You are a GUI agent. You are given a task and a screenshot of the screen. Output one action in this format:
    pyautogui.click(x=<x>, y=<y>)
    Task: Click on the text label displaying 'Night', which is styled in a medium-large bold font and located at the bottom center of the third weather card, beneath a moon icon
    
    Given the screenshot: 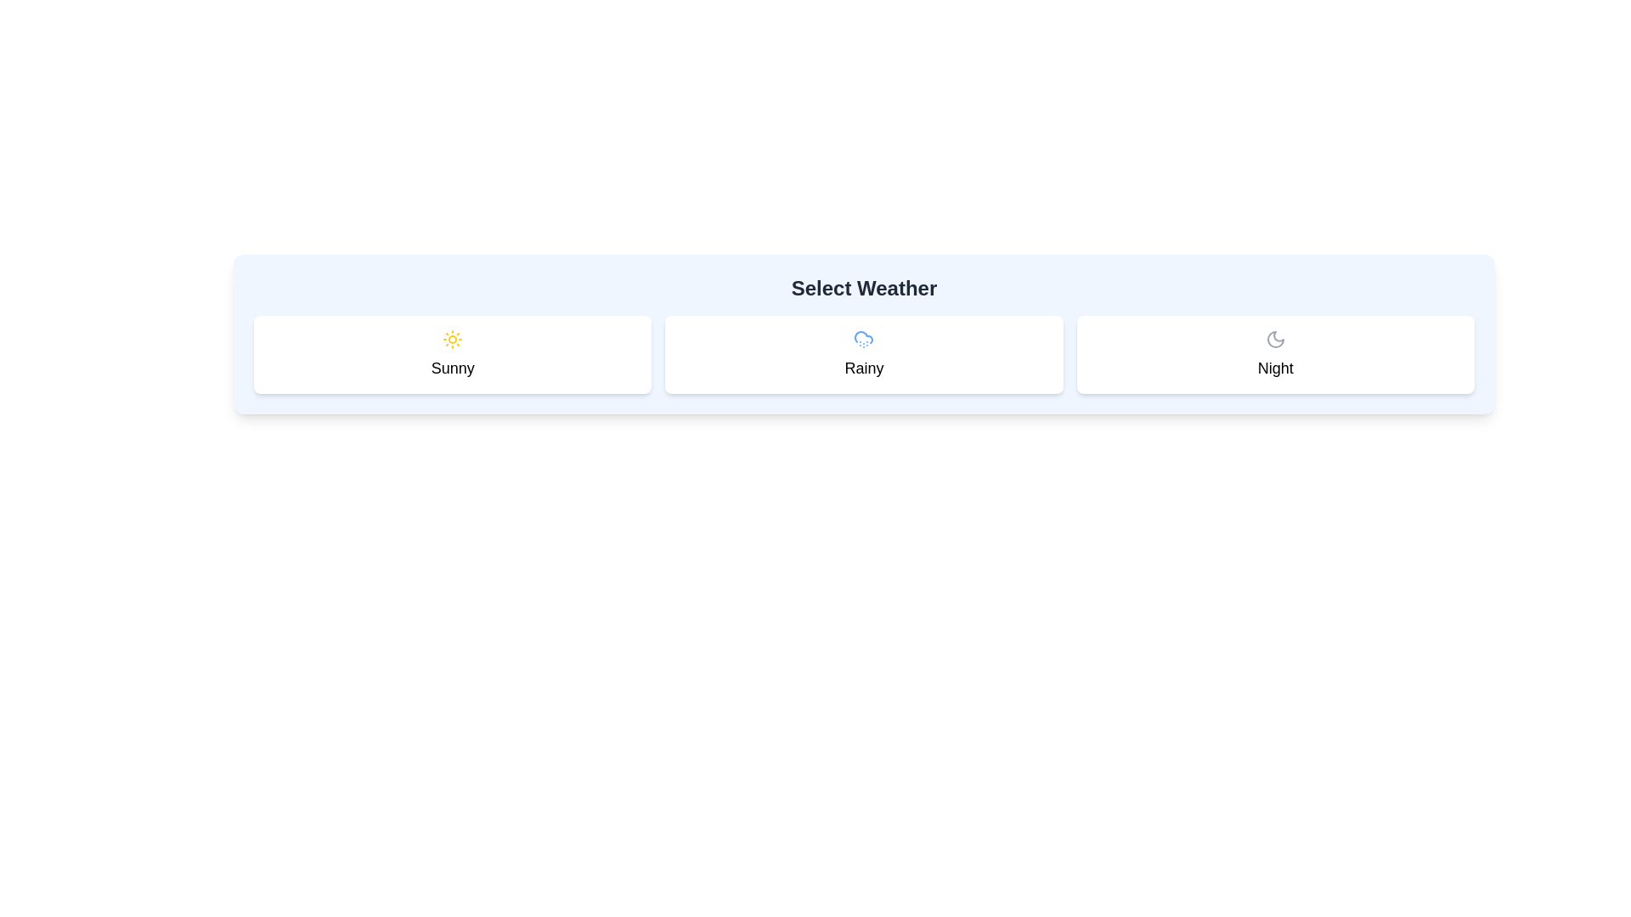 What is the action you would take?
    pyautogui.click(x=1275, y=368)
    